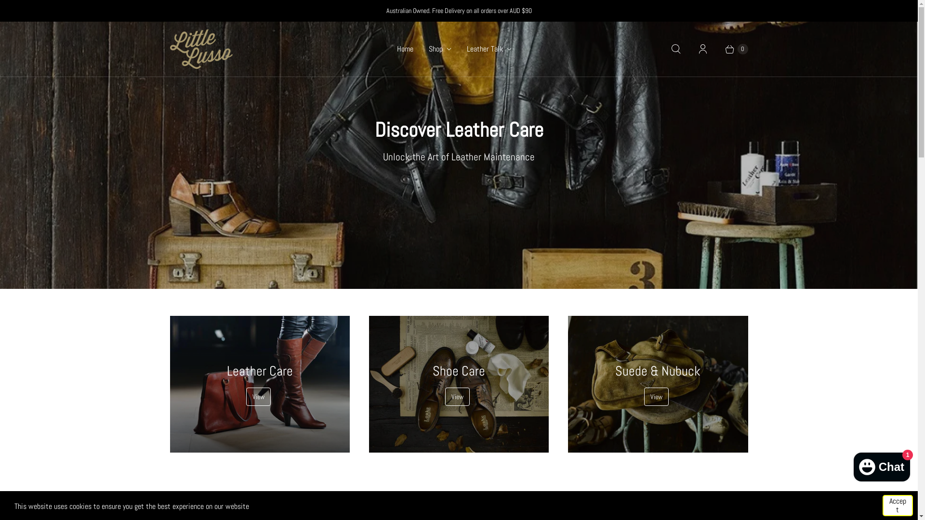 The image size is (925, 520). What do you see at coordinates (882, 464) in the screenshot?
I see `'Shopify online store chat'` at bounding box center [882, 464].